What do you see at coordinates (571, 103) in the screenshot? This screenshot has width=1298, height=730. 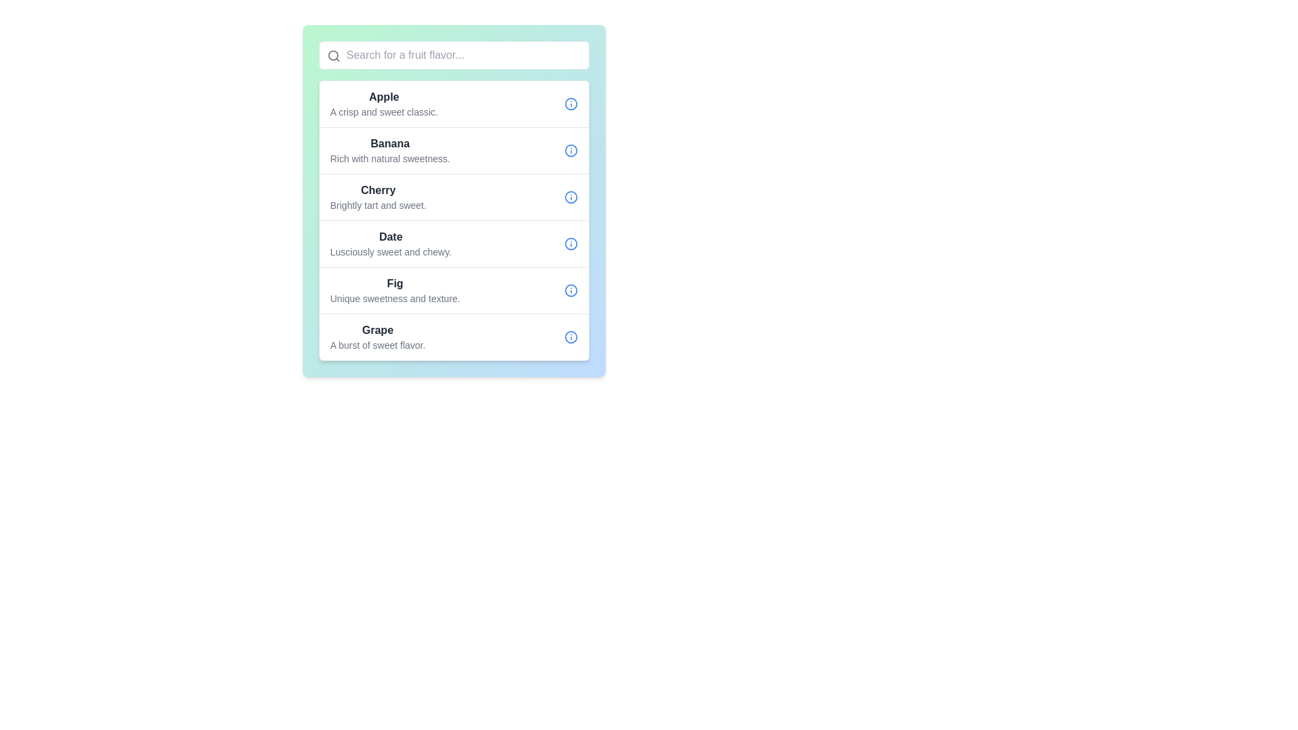 I see `the circular graphical decoration in the top-right corner of the 'Apple' list item, which serves as part of an informational icon` at bounding box center [571, 103].